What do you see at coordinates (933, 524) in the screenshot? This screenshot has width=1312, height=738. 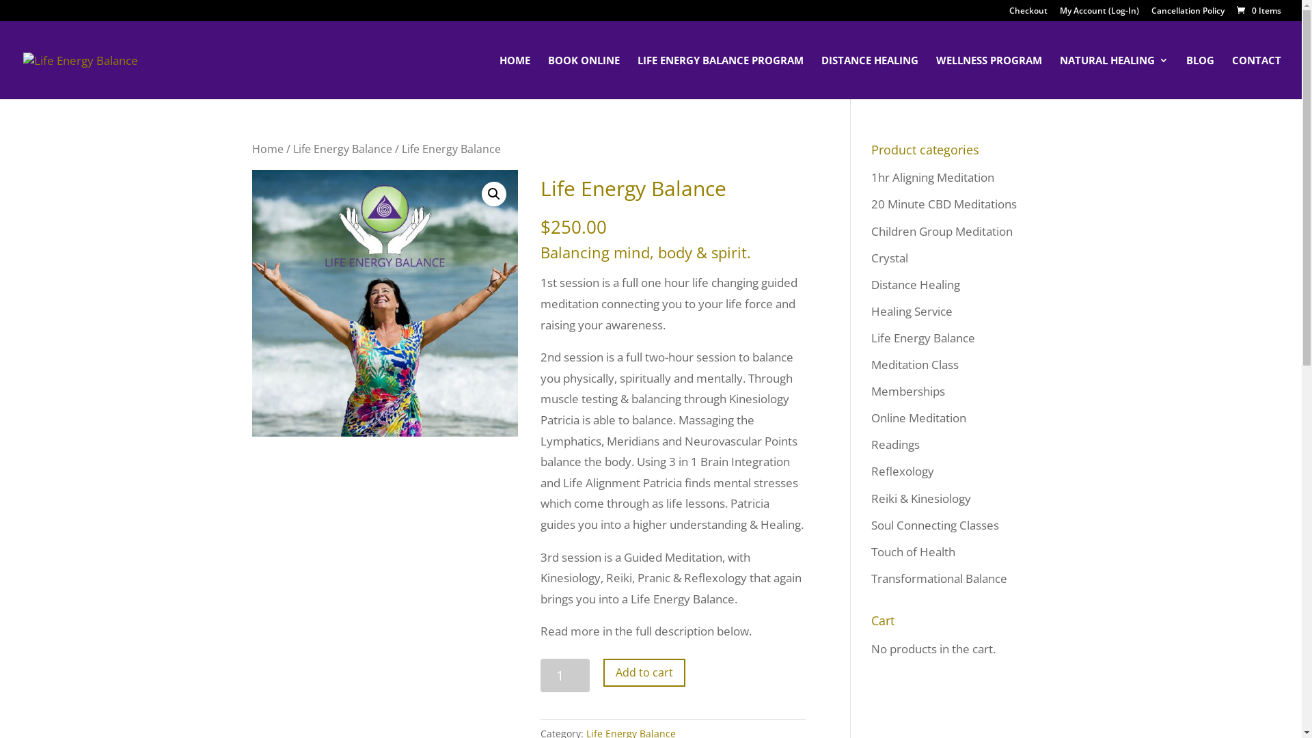 I see `'Soul Connecting Classes'` at bounding box center [933, 524].